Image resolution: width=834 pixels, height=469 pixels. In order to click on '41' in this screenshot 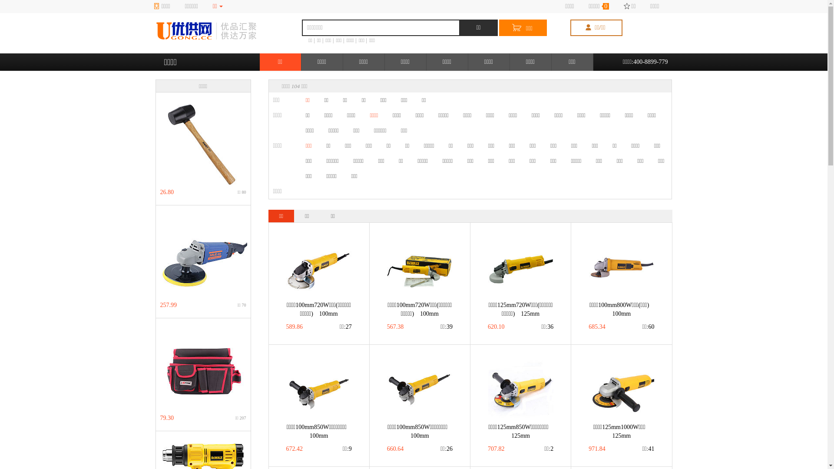, I will do `click(642, 449)`.